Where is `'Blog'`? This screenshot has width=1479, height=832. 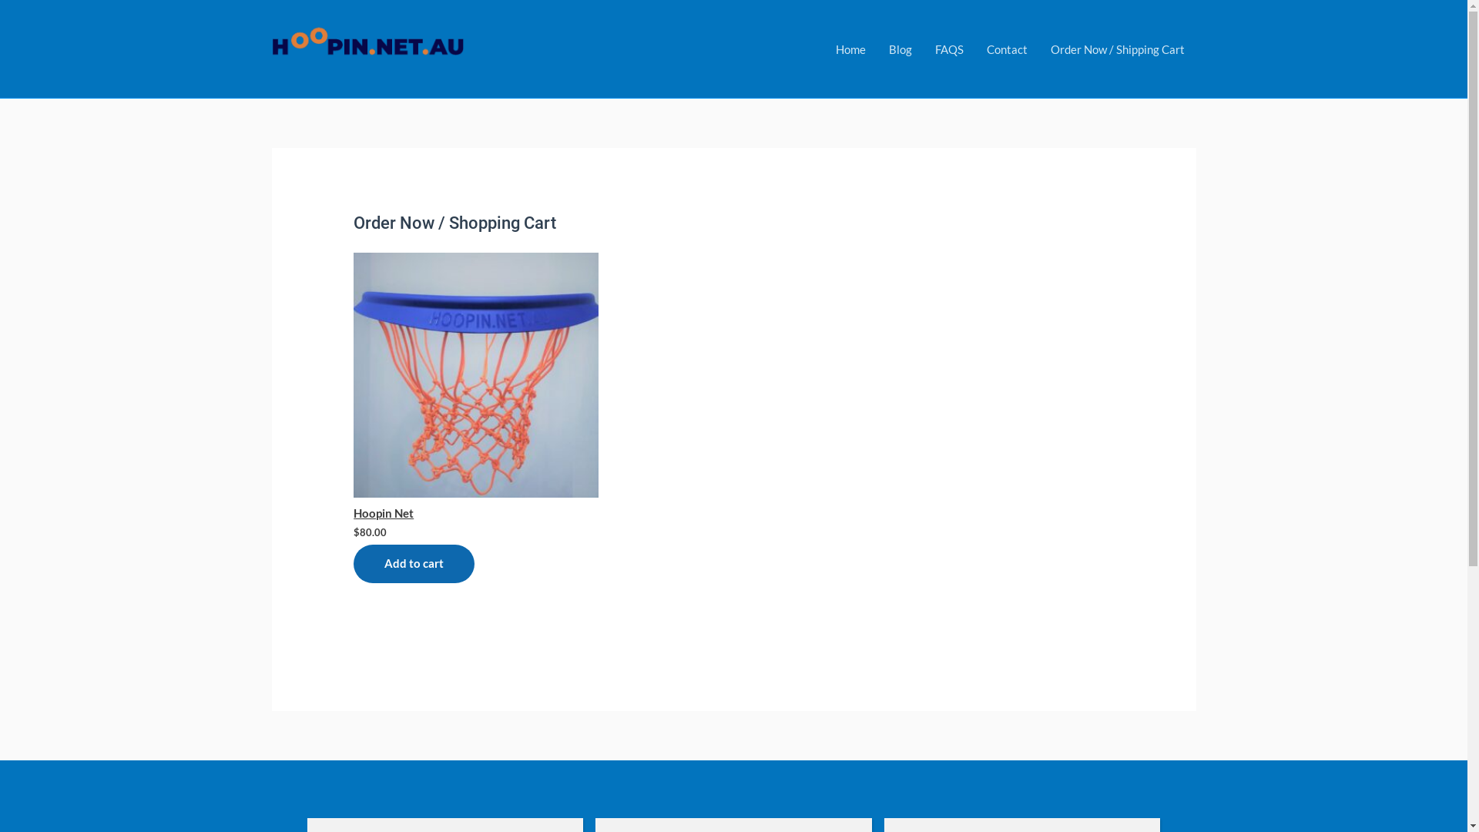
'Blog' is located at coordinates (876, 47).